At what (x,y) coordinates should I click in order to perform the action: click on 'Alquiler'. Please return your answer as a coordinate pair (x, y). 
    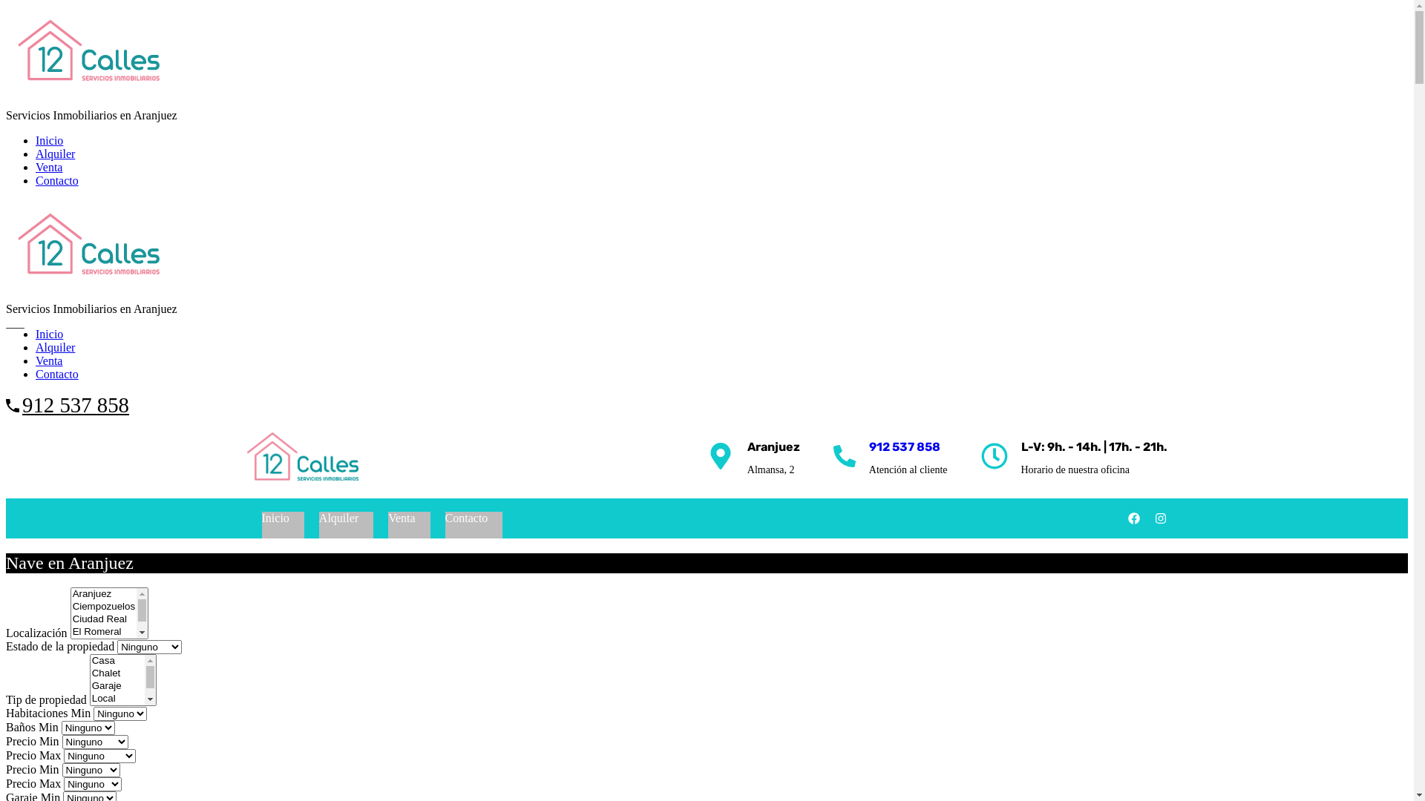
    Looking at the image, I should click on (55, 154).